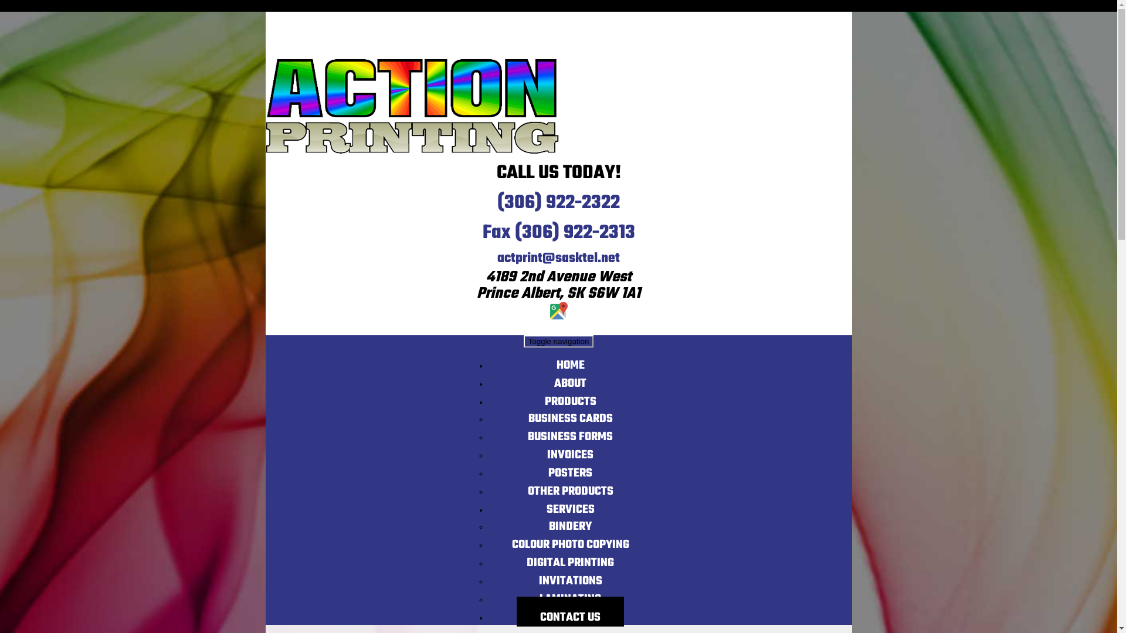  What do you see at coordinates (570, 520) in the screenshot?
I see `'BINDERY'` at bounding box center [570, 520].